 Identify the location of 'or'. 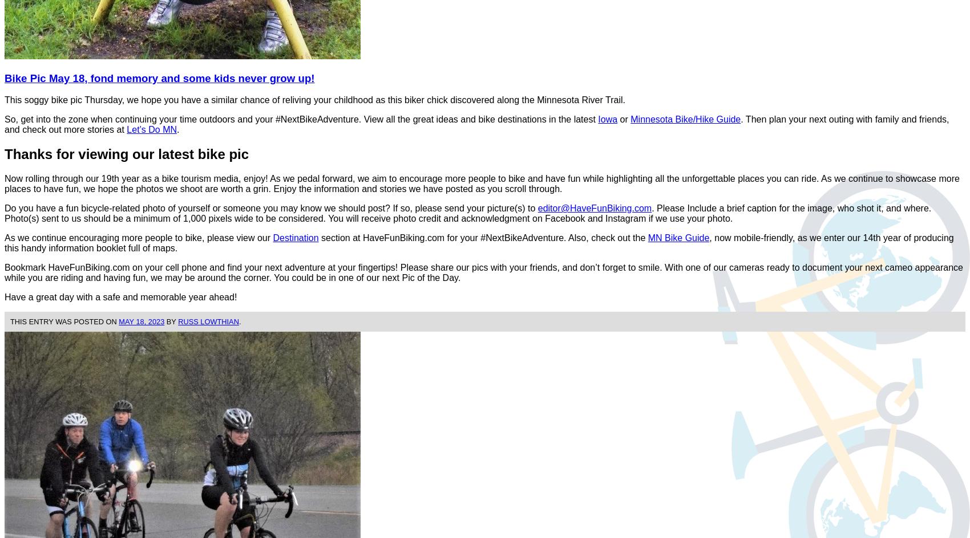
(624, 119).